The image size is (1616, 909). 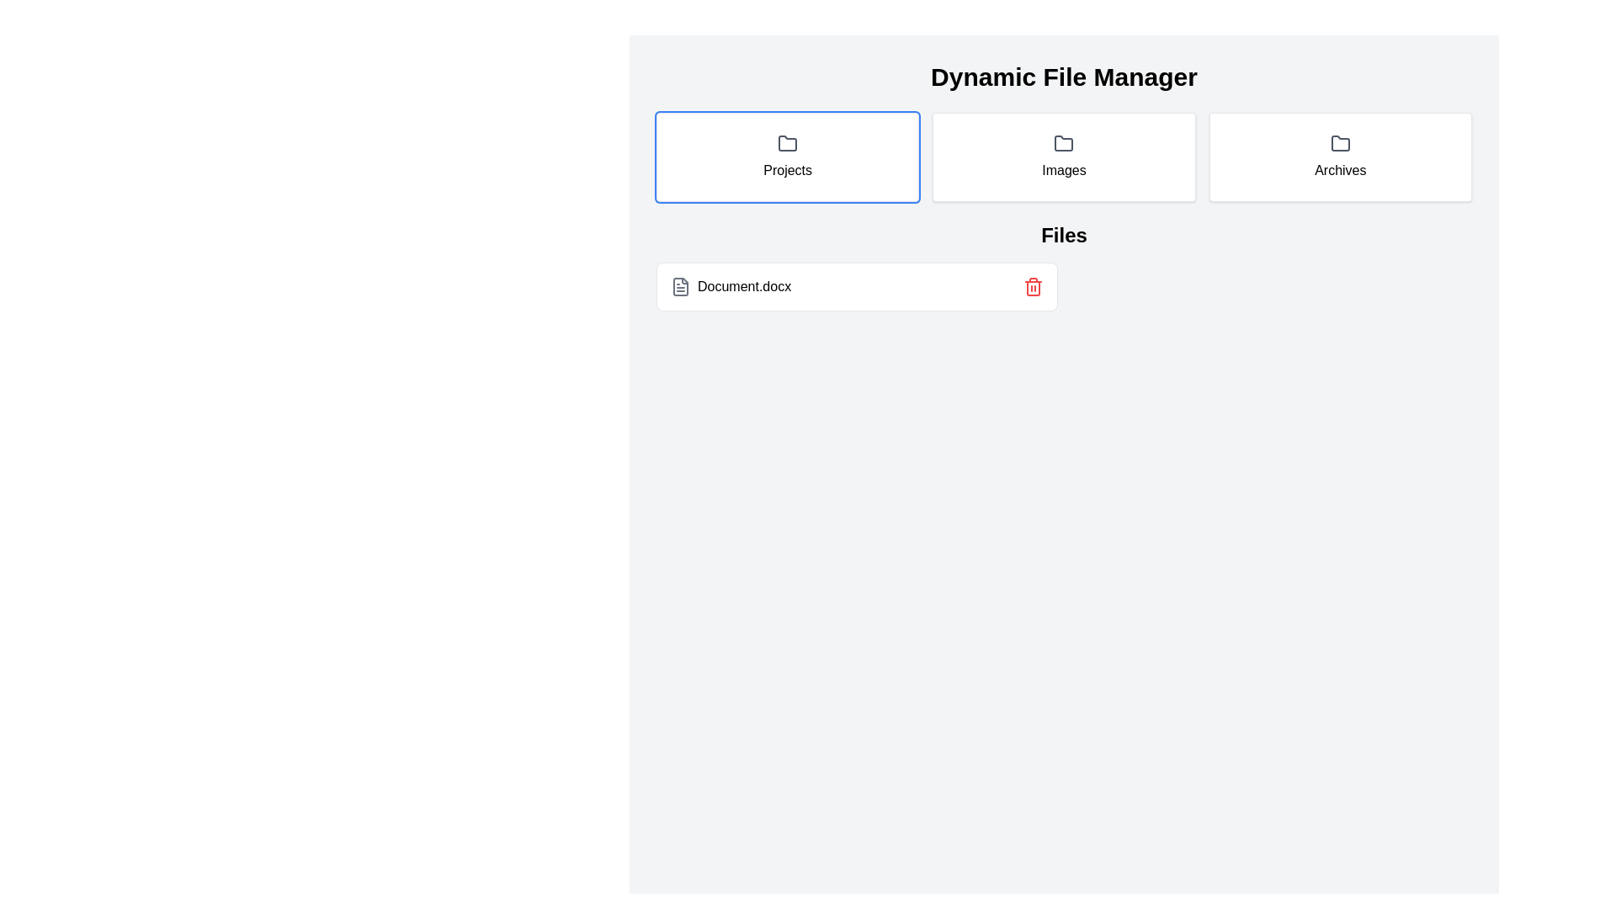 What do you see at coordinates (1339, 142) in the screenshot?
I see `the icon that represents the 'Archives' folder, located in the upper-right section of the interface, above the text label 'Archives'` at bounding box center [1339, 142].